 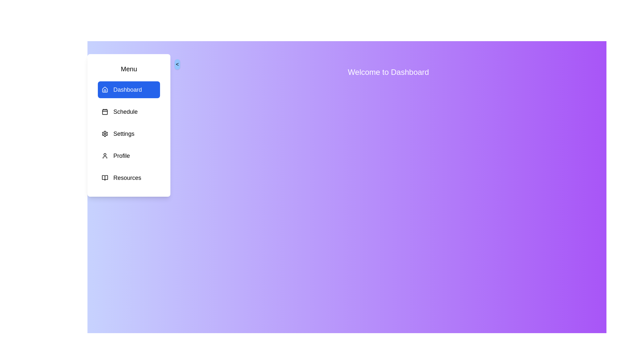 I want to click on the menu item Profile to navigate to its respective page, so click(x=129, y=156).